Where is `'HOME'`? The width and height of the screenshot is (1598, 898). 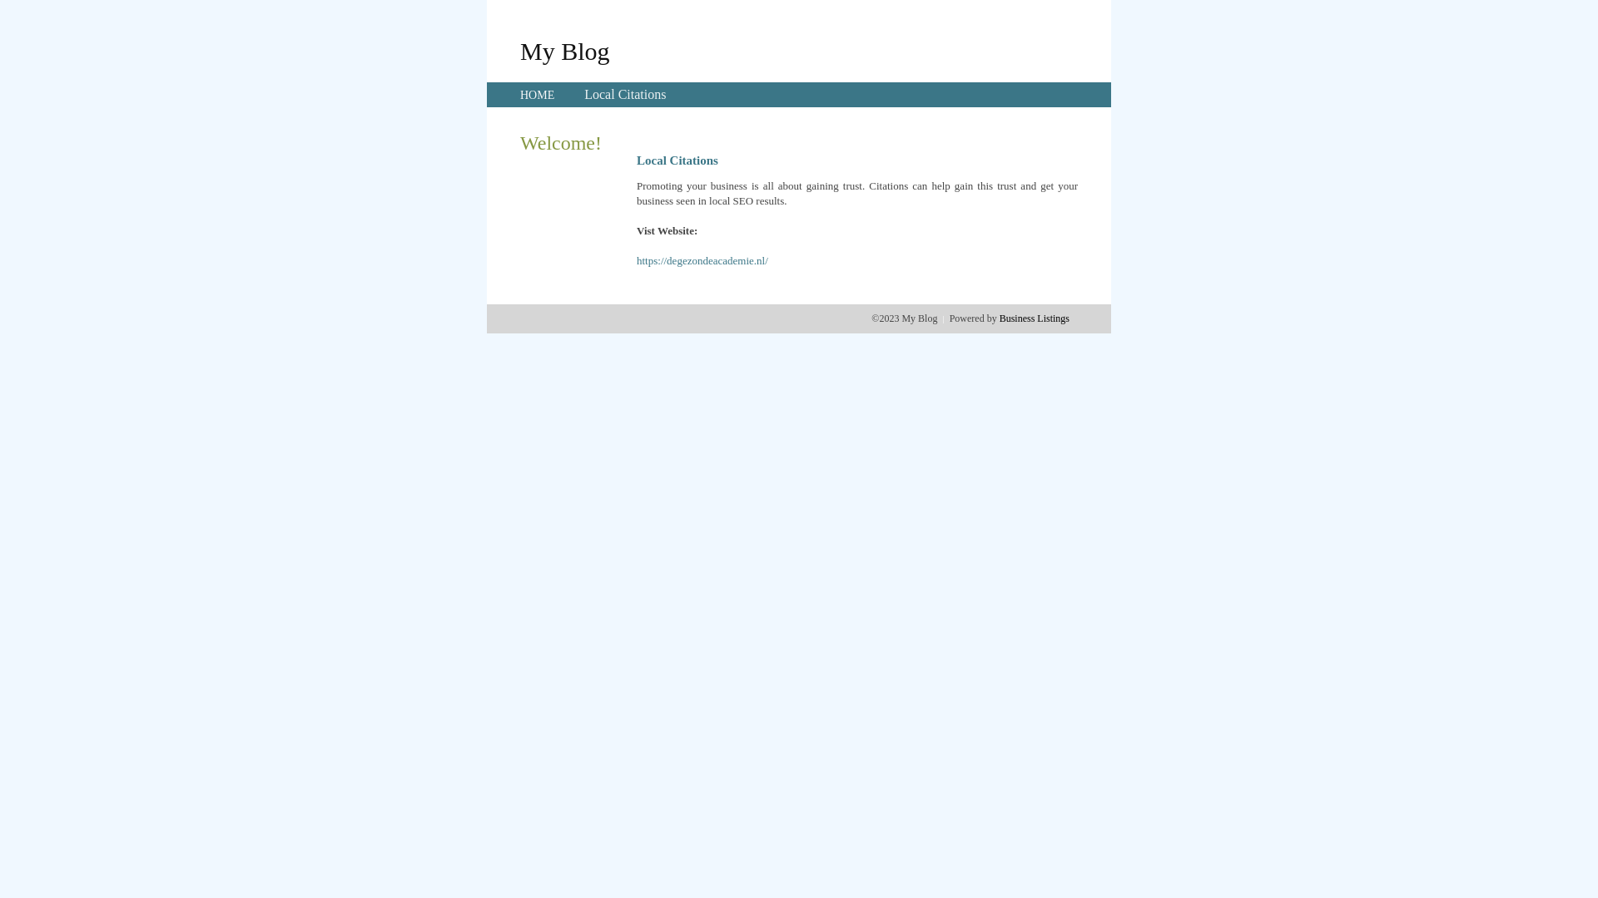
'HOME' is located at coordinates (519, 95).